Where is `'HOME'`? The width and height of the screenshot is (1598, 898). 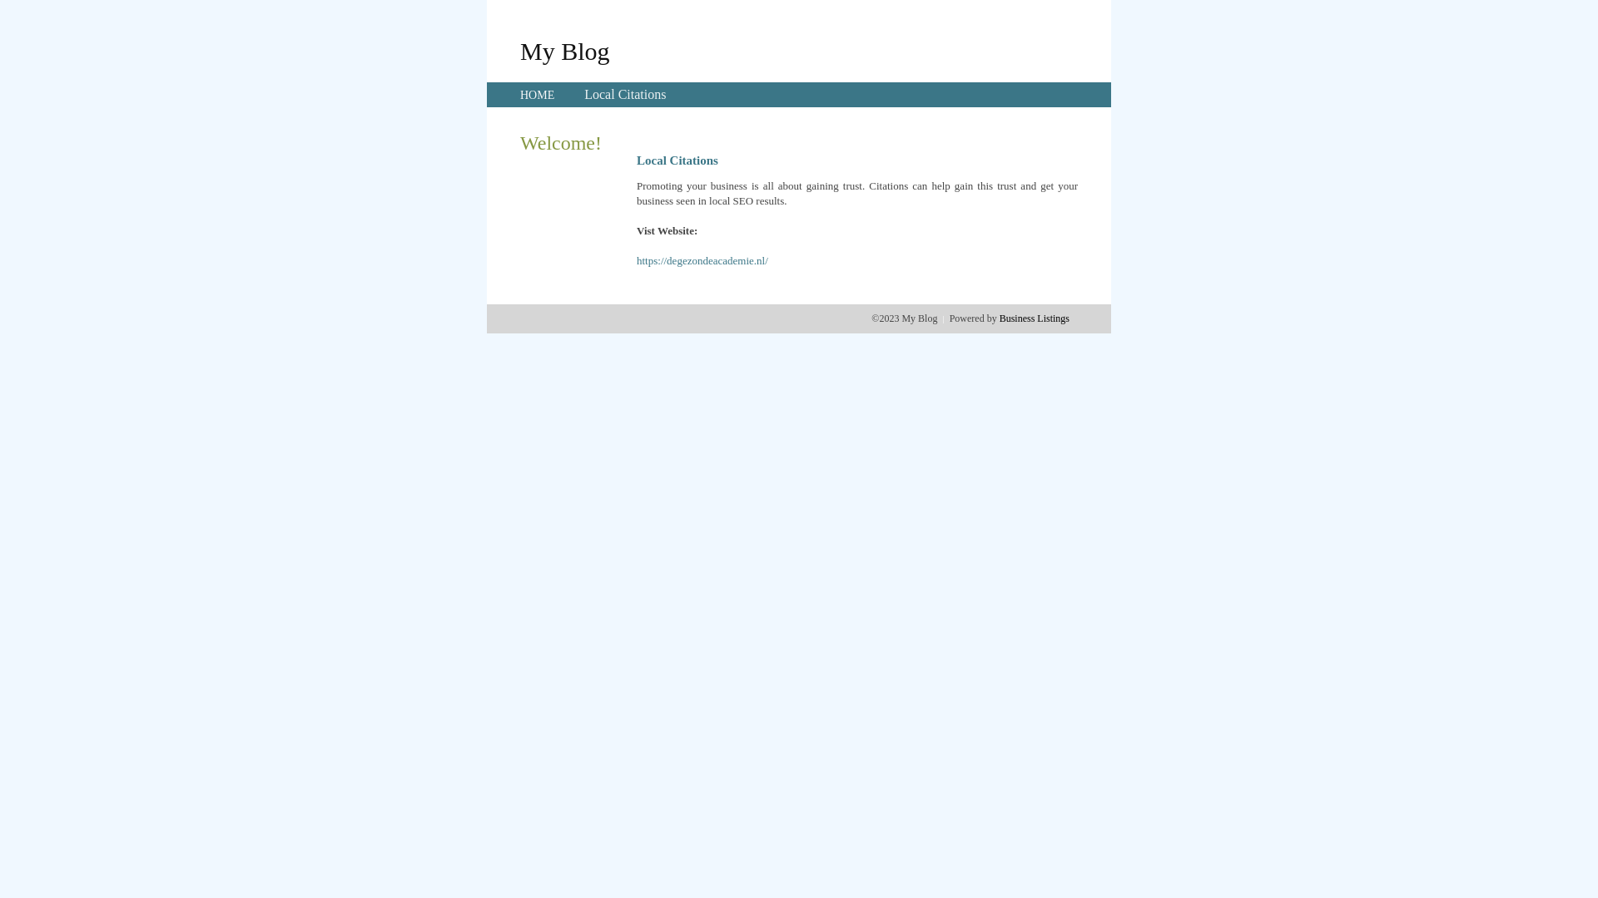
'HOME' is located at coordinates (519, 95).